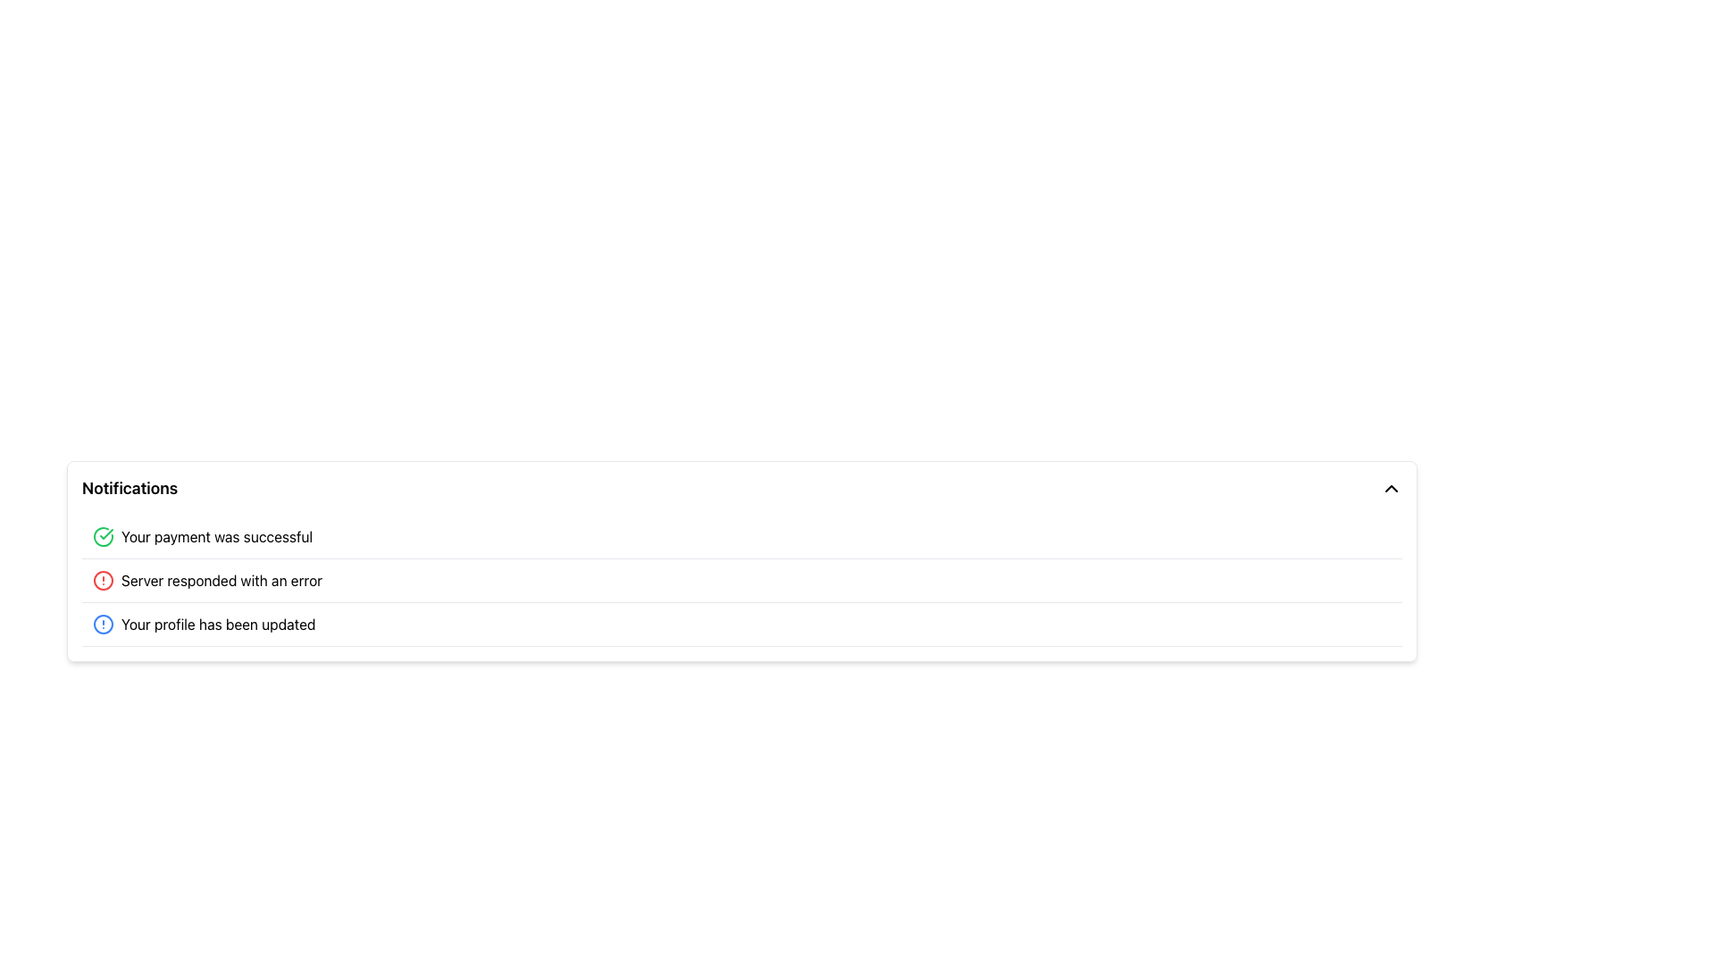 Image resolution: width=1715 pixels, height=965 pixels. What do you see at coordinates (102, 581) in the screenshot?
I see `the alert icon located at the beginning of the second notification row labeled 'Server responded with an error' for further details` at bounding box center [102, 581].